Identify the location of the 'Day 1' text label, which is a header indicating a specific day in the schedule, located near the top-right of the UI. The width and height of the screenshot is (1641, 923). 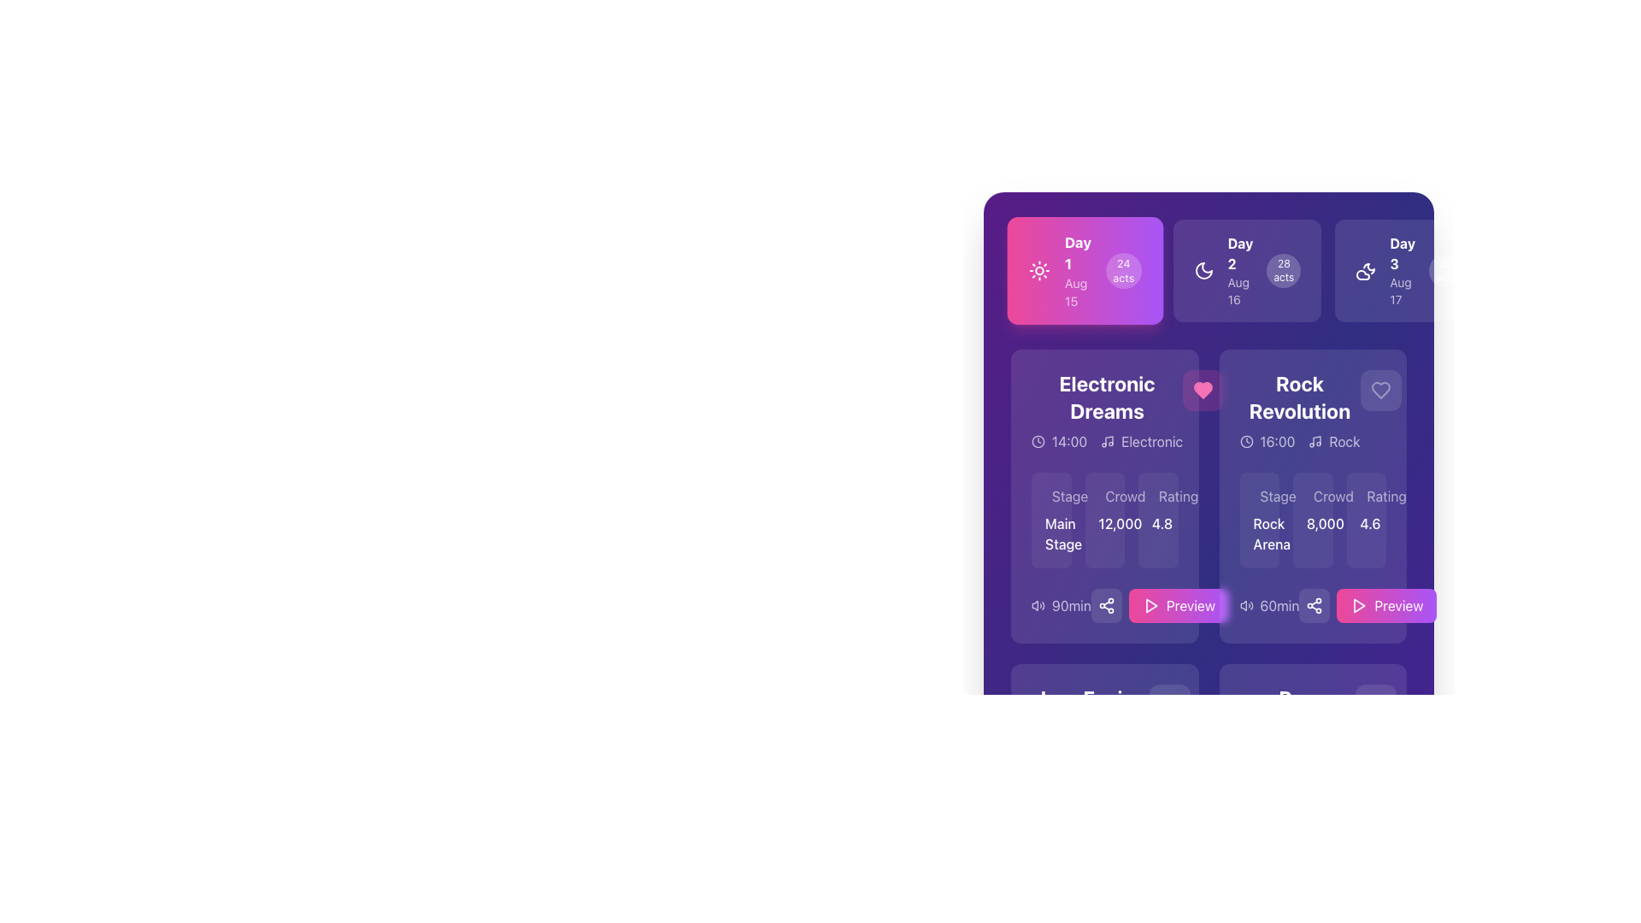
(1077, 253).